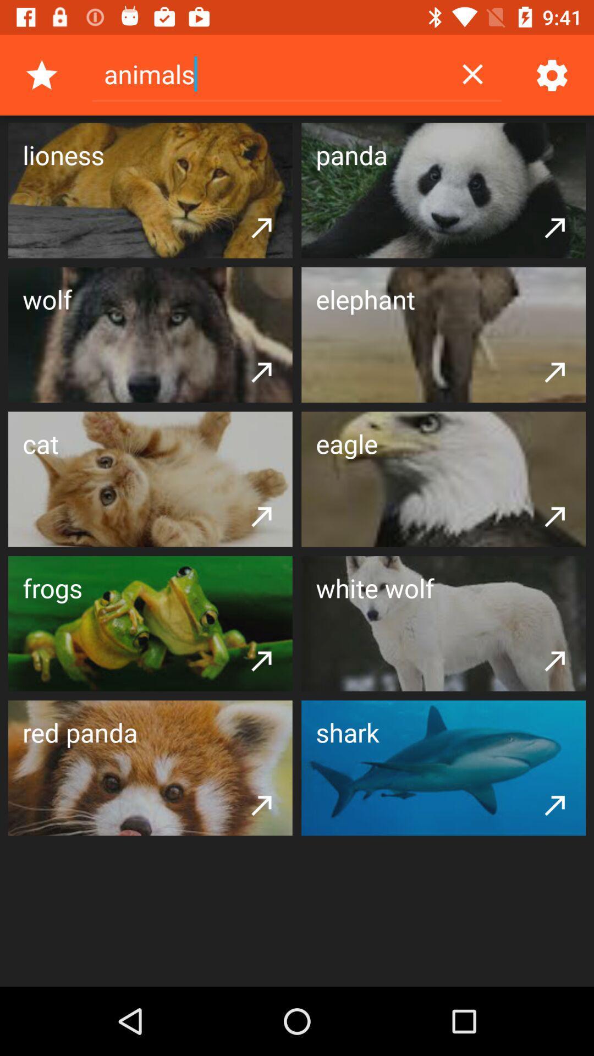 The width and height of the screenshot is (594, 1056). Describe the element at coordinates (555, 660) in the screenshot. I see `the item below the white wolf` at that location.